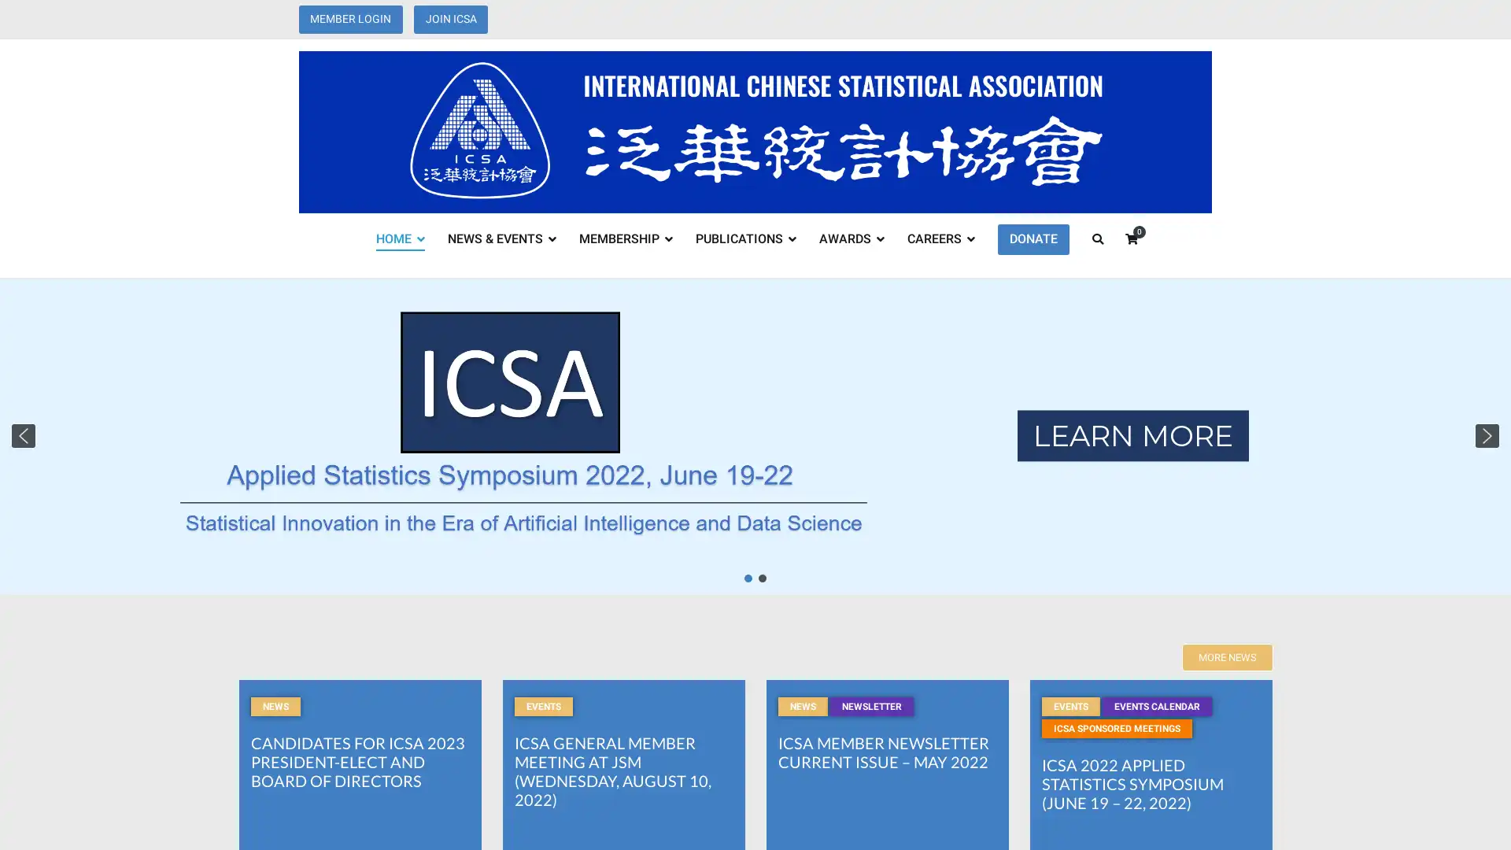 This screenshot has width=1511, height=850. Describe the element at coordinates (449, 19) in the screenshot. I see `JOIN ICSA` at that location.